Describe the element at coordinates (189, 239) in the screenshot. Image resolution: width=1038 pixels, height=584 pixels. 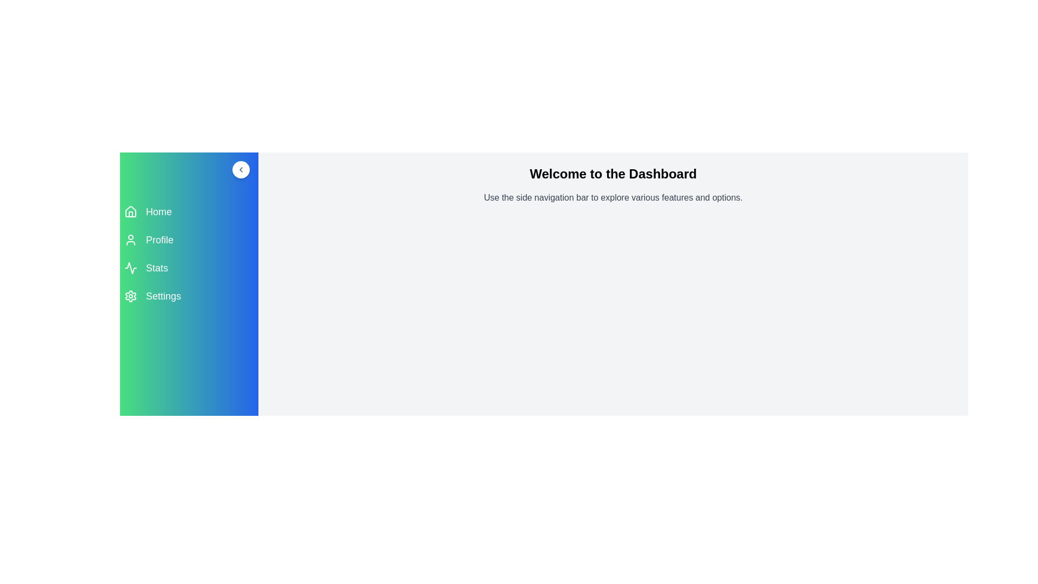
I see `the profile navigation button located in the vertical menu, which is the second option from the top` at that location.